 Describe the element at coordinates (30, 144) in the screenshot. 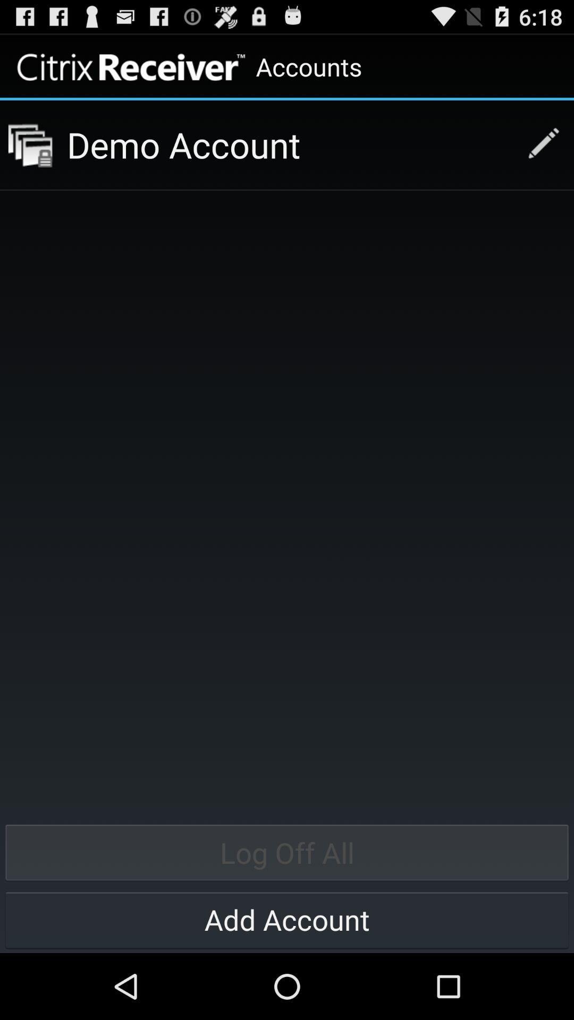

I see `app next to demo account` at that location.